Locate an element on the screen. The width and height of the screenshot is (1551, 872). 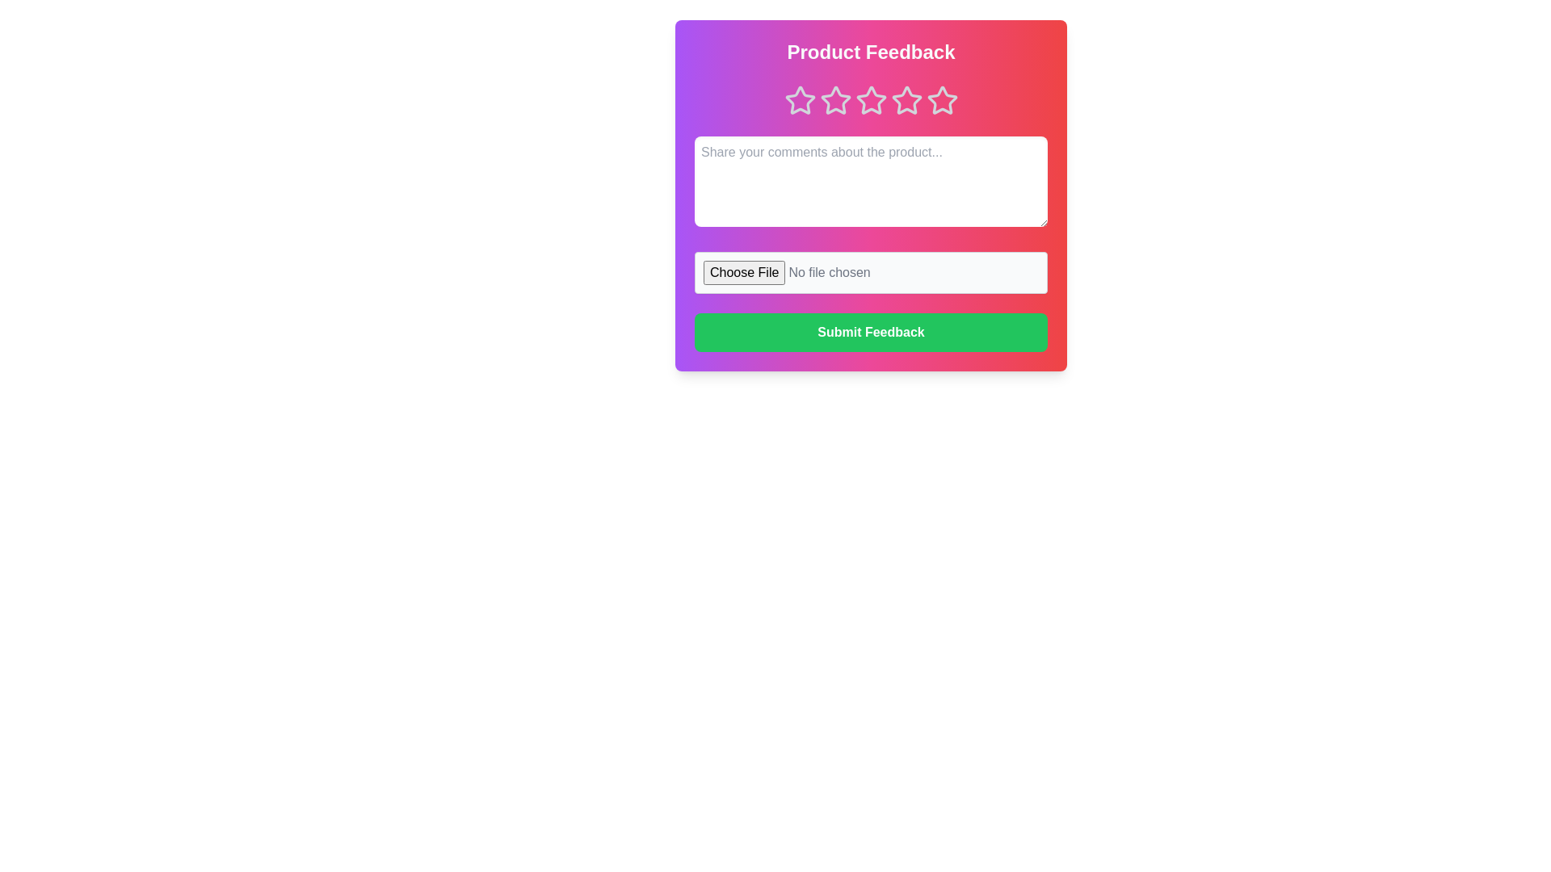
the fifth star icon in the rating system is located at coordinates (942, 100).